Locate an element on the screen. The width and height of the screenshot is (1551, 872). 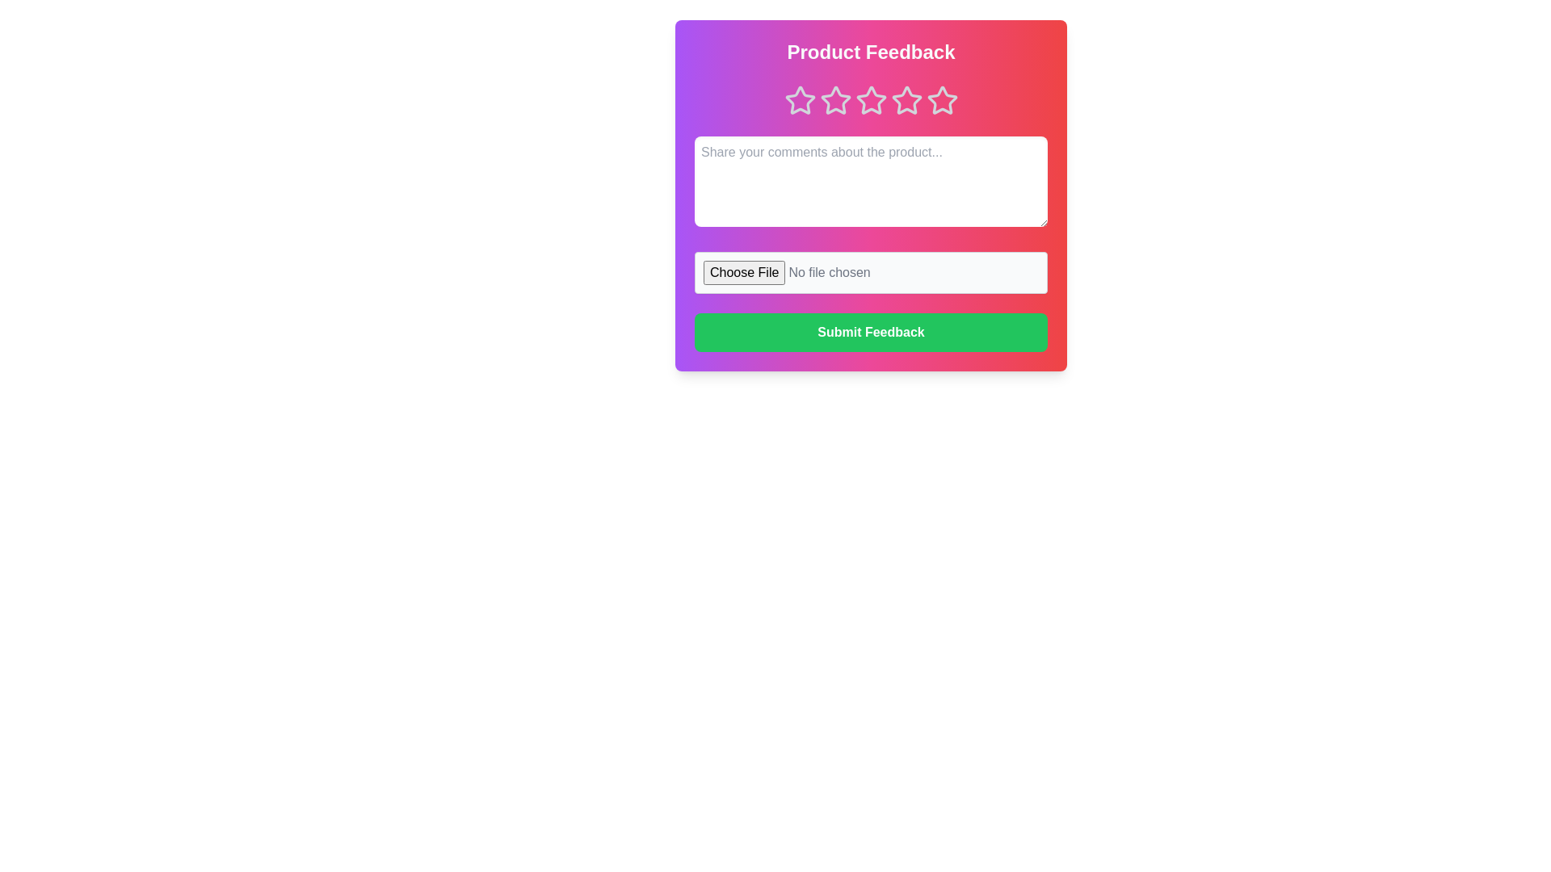
the fifth star icon in the rating system is located at coordinates (942, 100).